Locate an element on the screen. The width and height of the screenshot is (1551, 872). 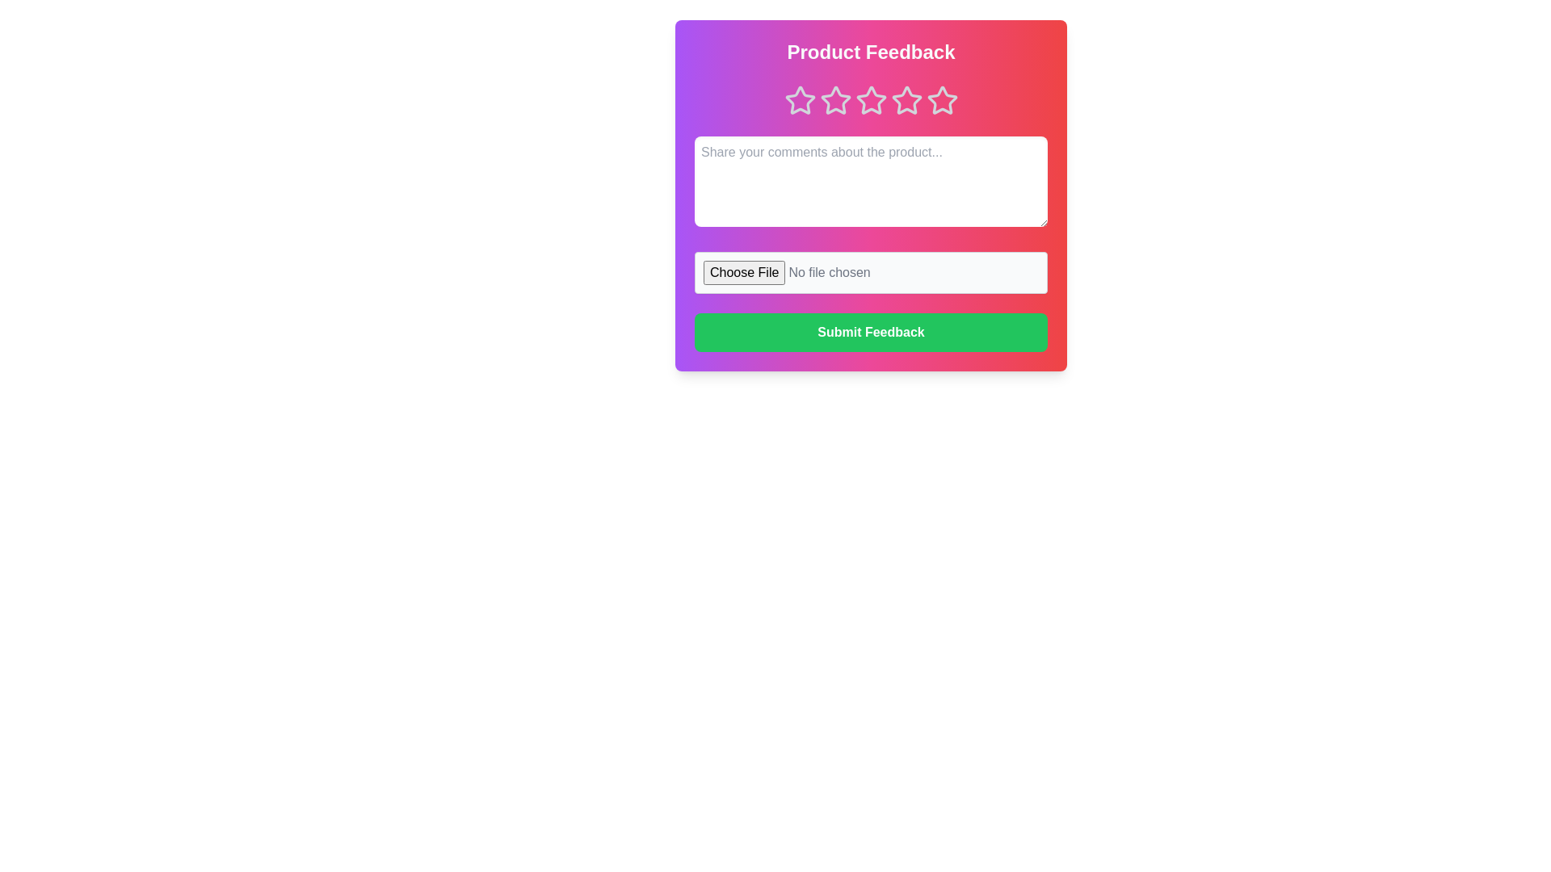
the fifth star icon in the rating system is located at coordinates (942, 100).